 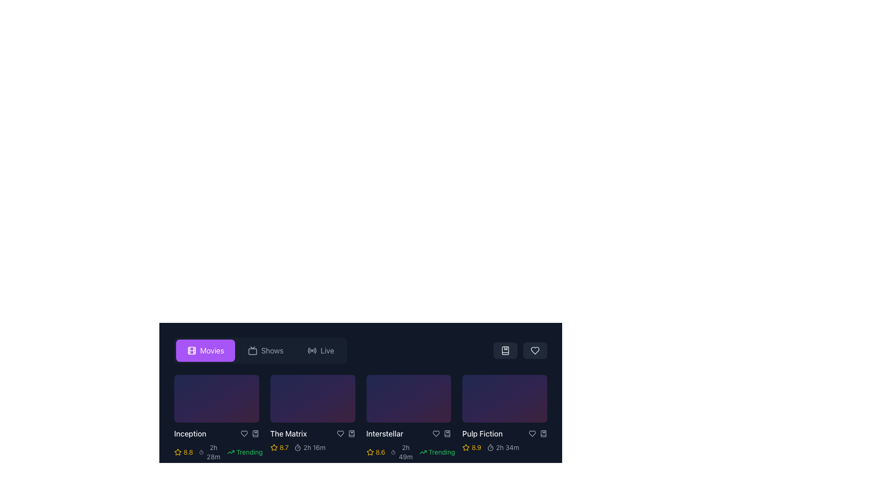 What do you see at coordinates (532, 433) in the screenshot?
I see `the heart-shaped SVG icon below the 'Pulp Fiction' movie thumbnail` at bounding box center [532, 433].